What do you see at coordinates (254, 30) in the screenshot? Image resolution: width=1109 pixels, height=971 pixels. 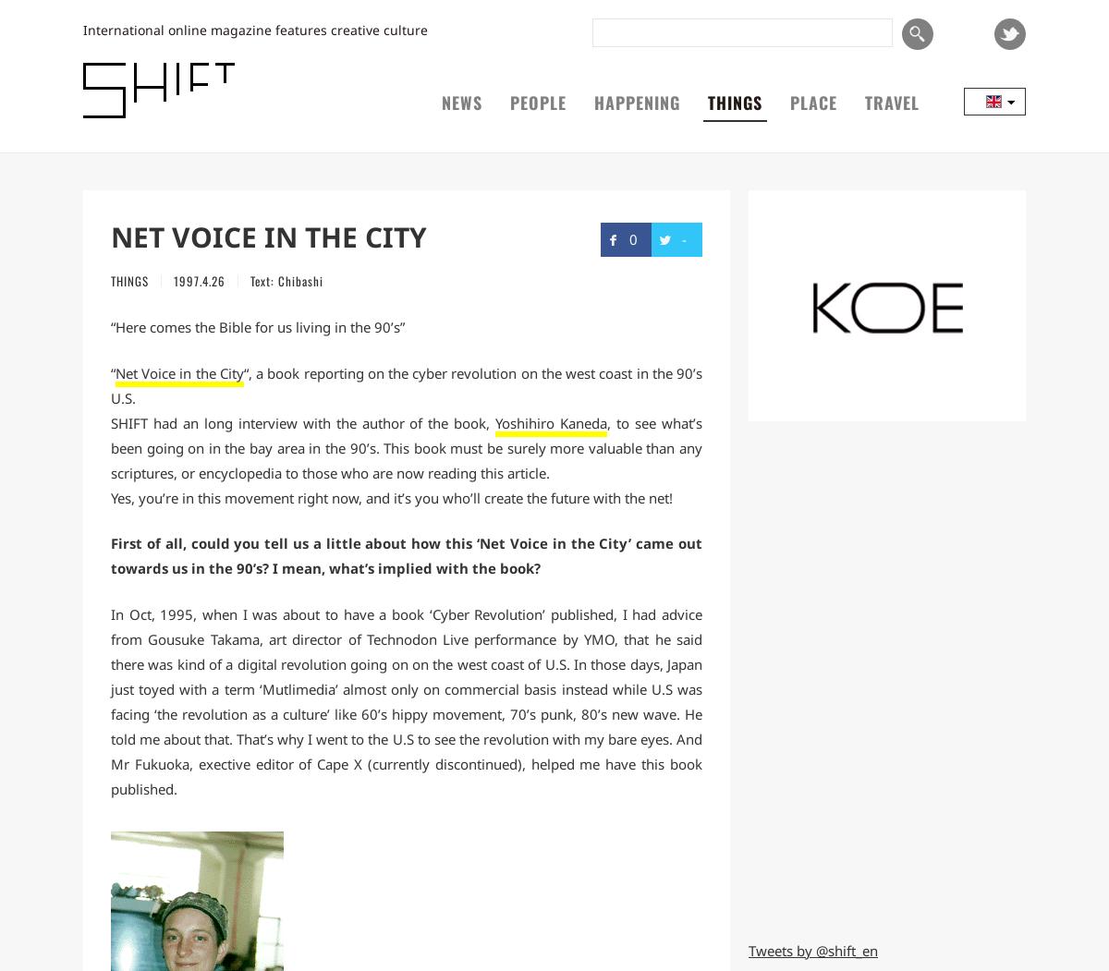 I see `'International online magazine features creative culture'` at bounding box center [254, 30].